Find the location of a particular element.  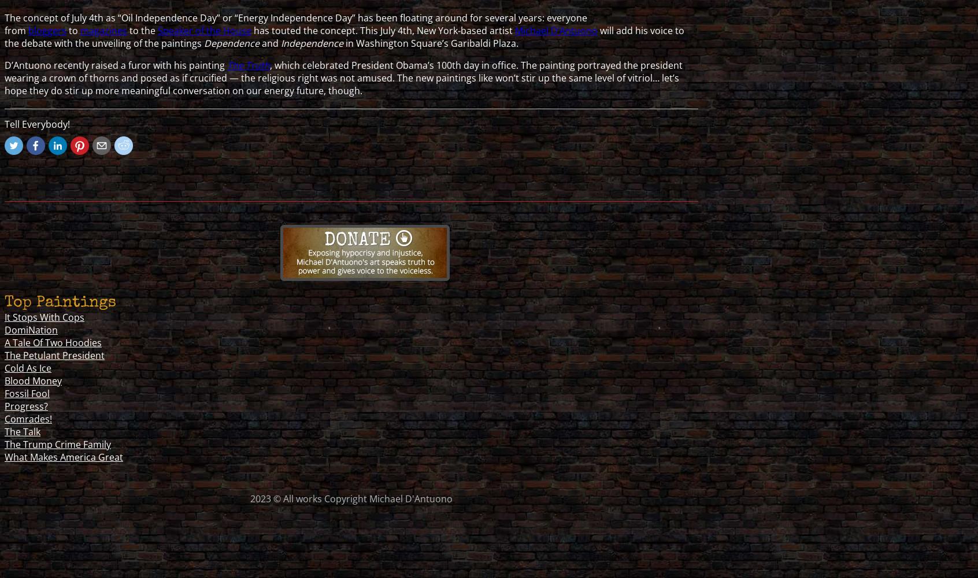

'Tell Everybody!' is located at coordinates (3, 123).